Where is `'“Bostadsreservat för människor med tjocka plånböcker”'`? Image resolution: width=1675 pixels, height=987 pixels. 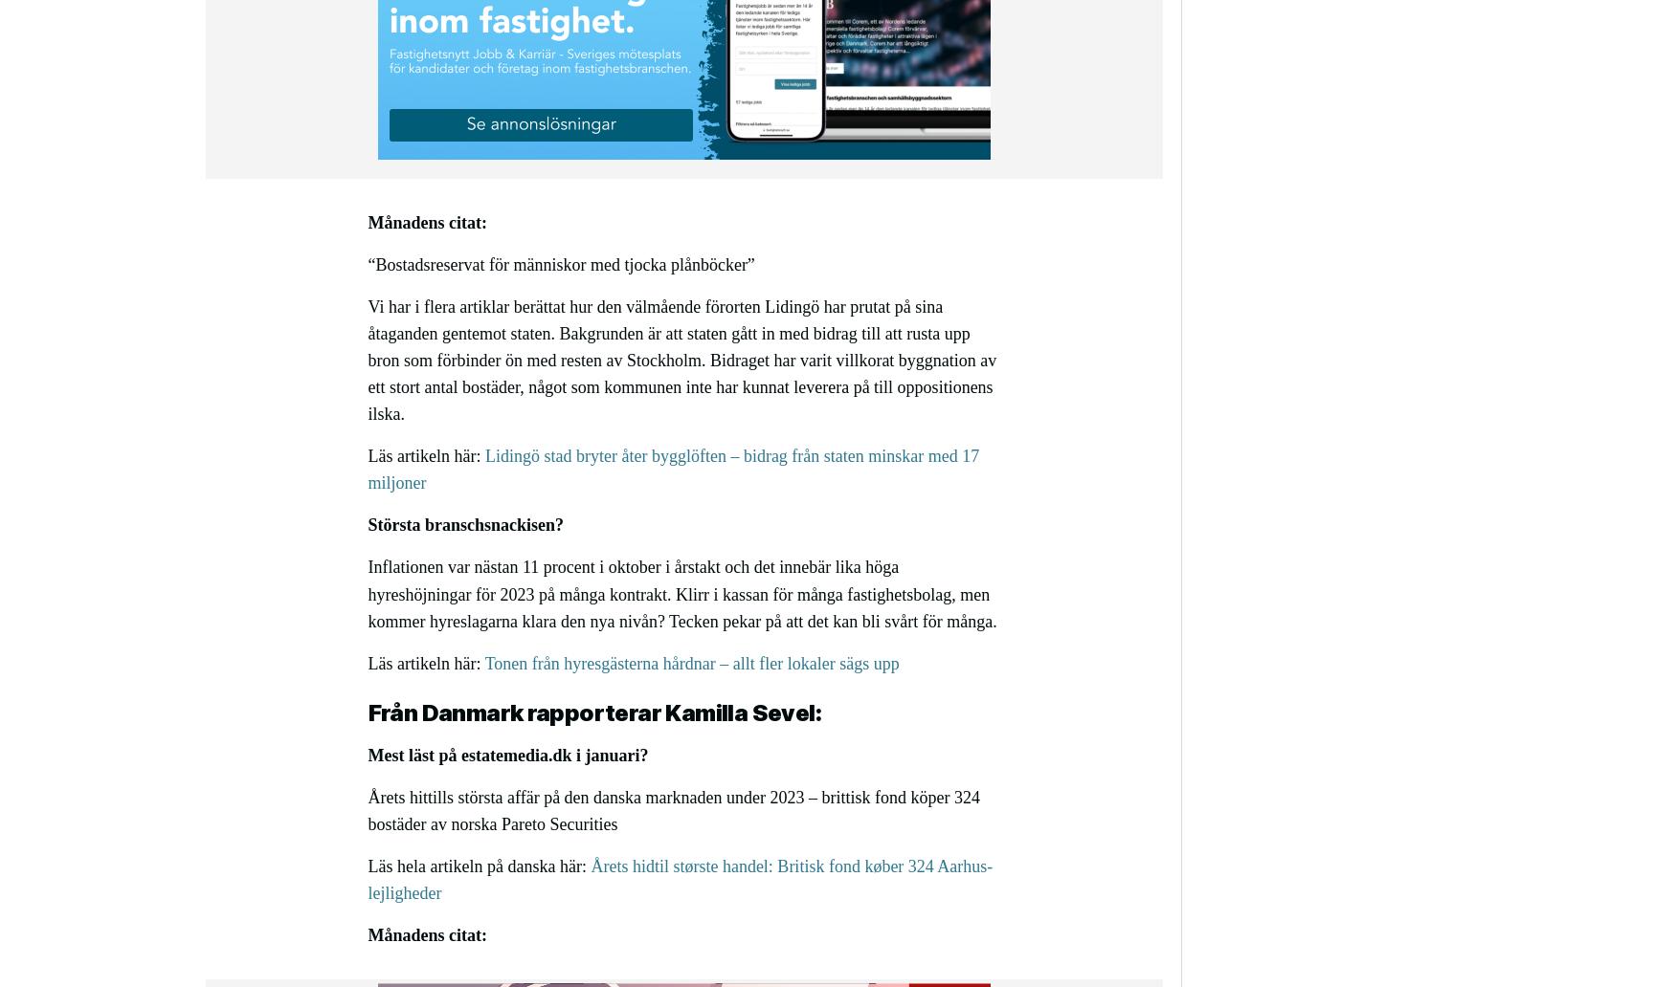
'“Bostadsreservat för människor med tjocka plånböcker”' is located at coordinates (561, 263).